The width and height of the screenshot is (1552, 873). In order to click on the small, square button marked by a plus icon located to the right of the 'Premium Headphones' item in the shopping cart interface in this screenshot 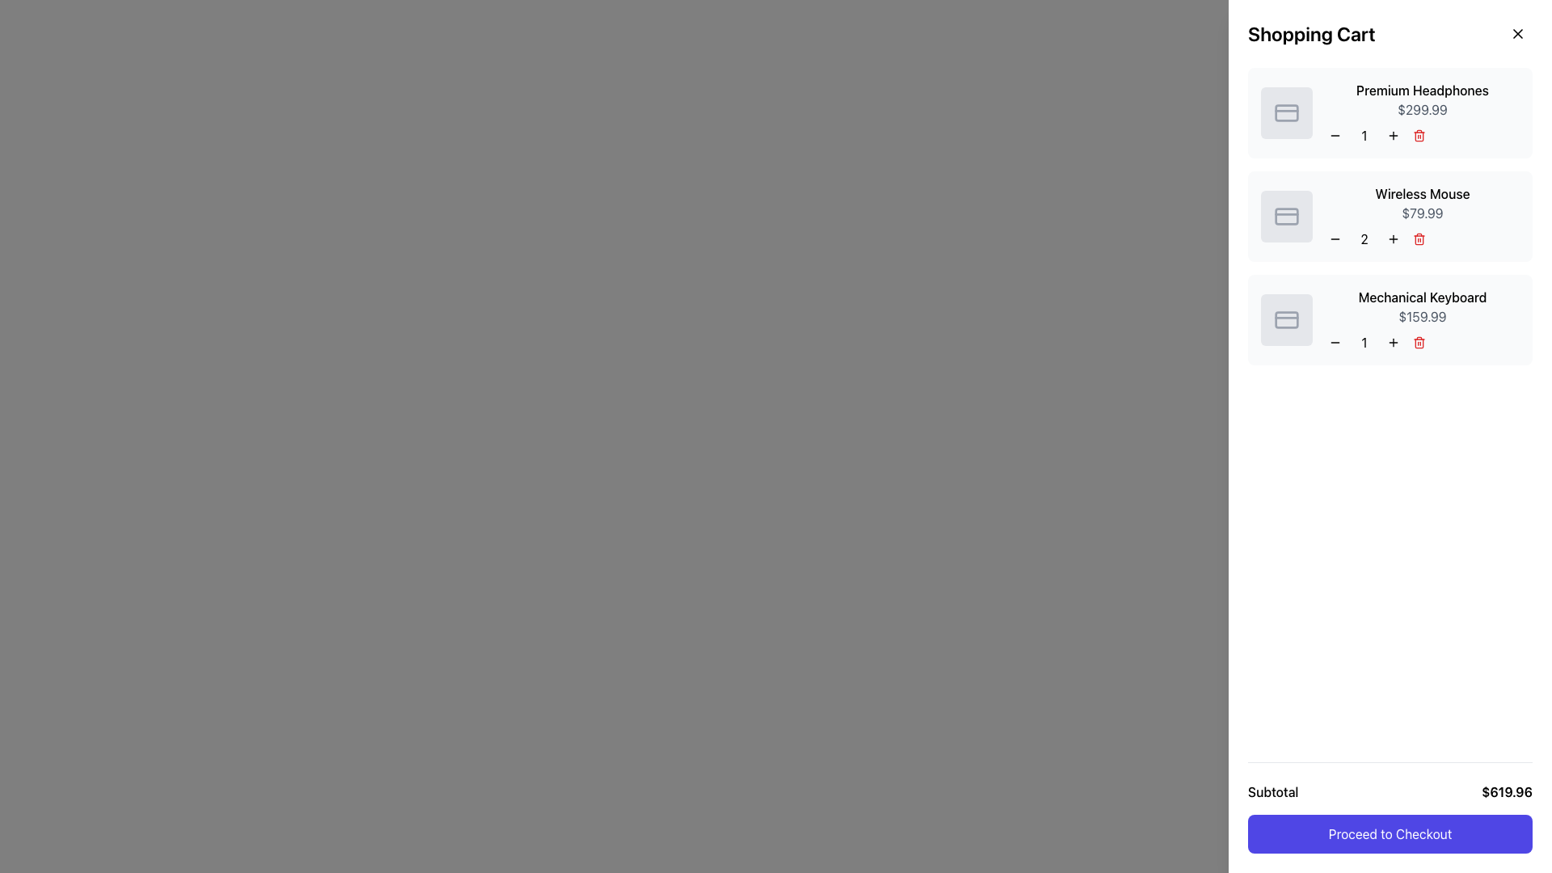, I will do `click(1392, 135)`.